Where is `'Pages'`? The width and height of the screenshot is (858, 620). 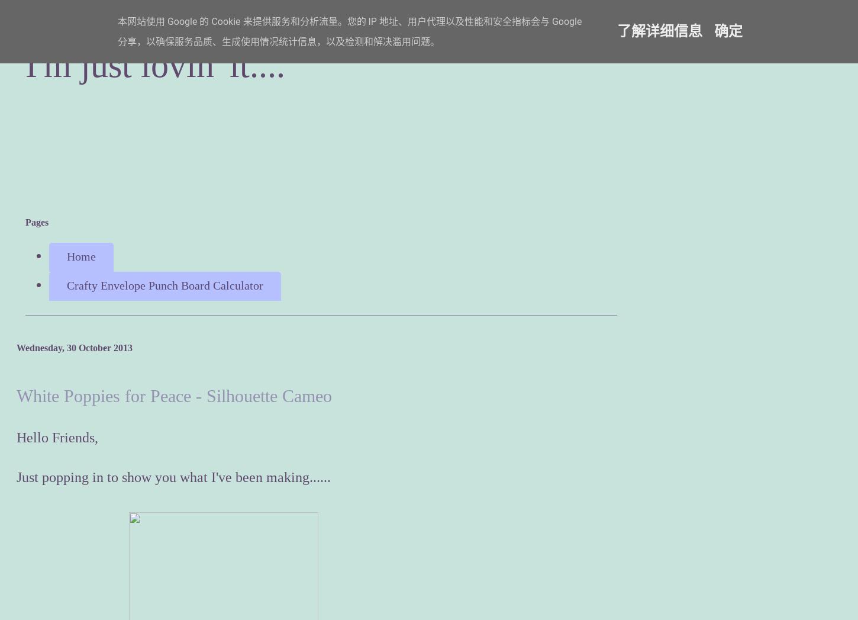
'Pages' is located at coordinates (37, 222).